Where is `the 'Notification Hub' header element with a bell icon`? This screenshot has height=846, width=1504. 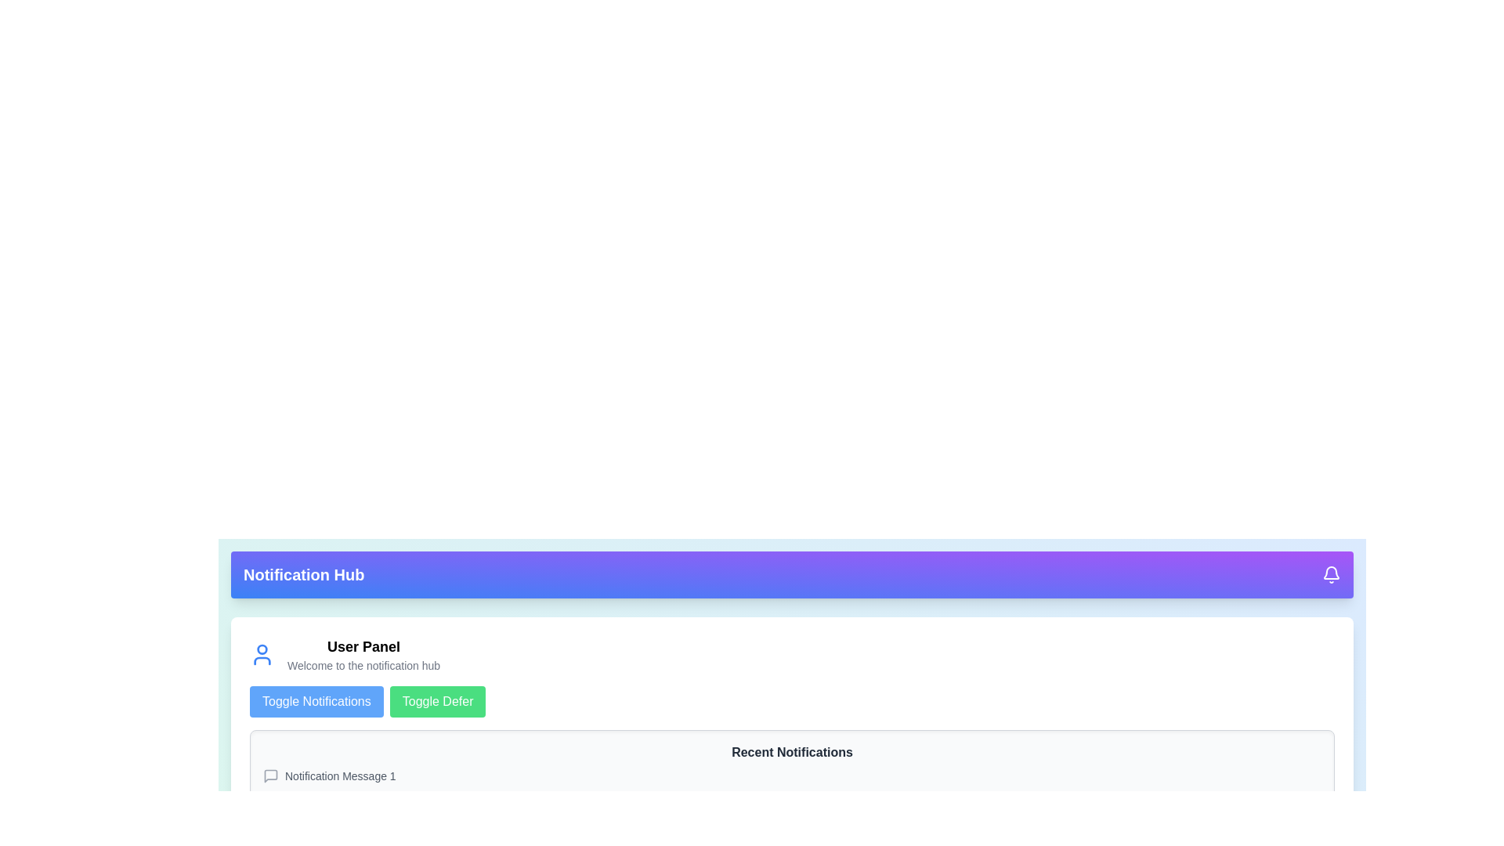 the 'Notification Hub' header element with a bell icon is located at coordinates (792, 574).